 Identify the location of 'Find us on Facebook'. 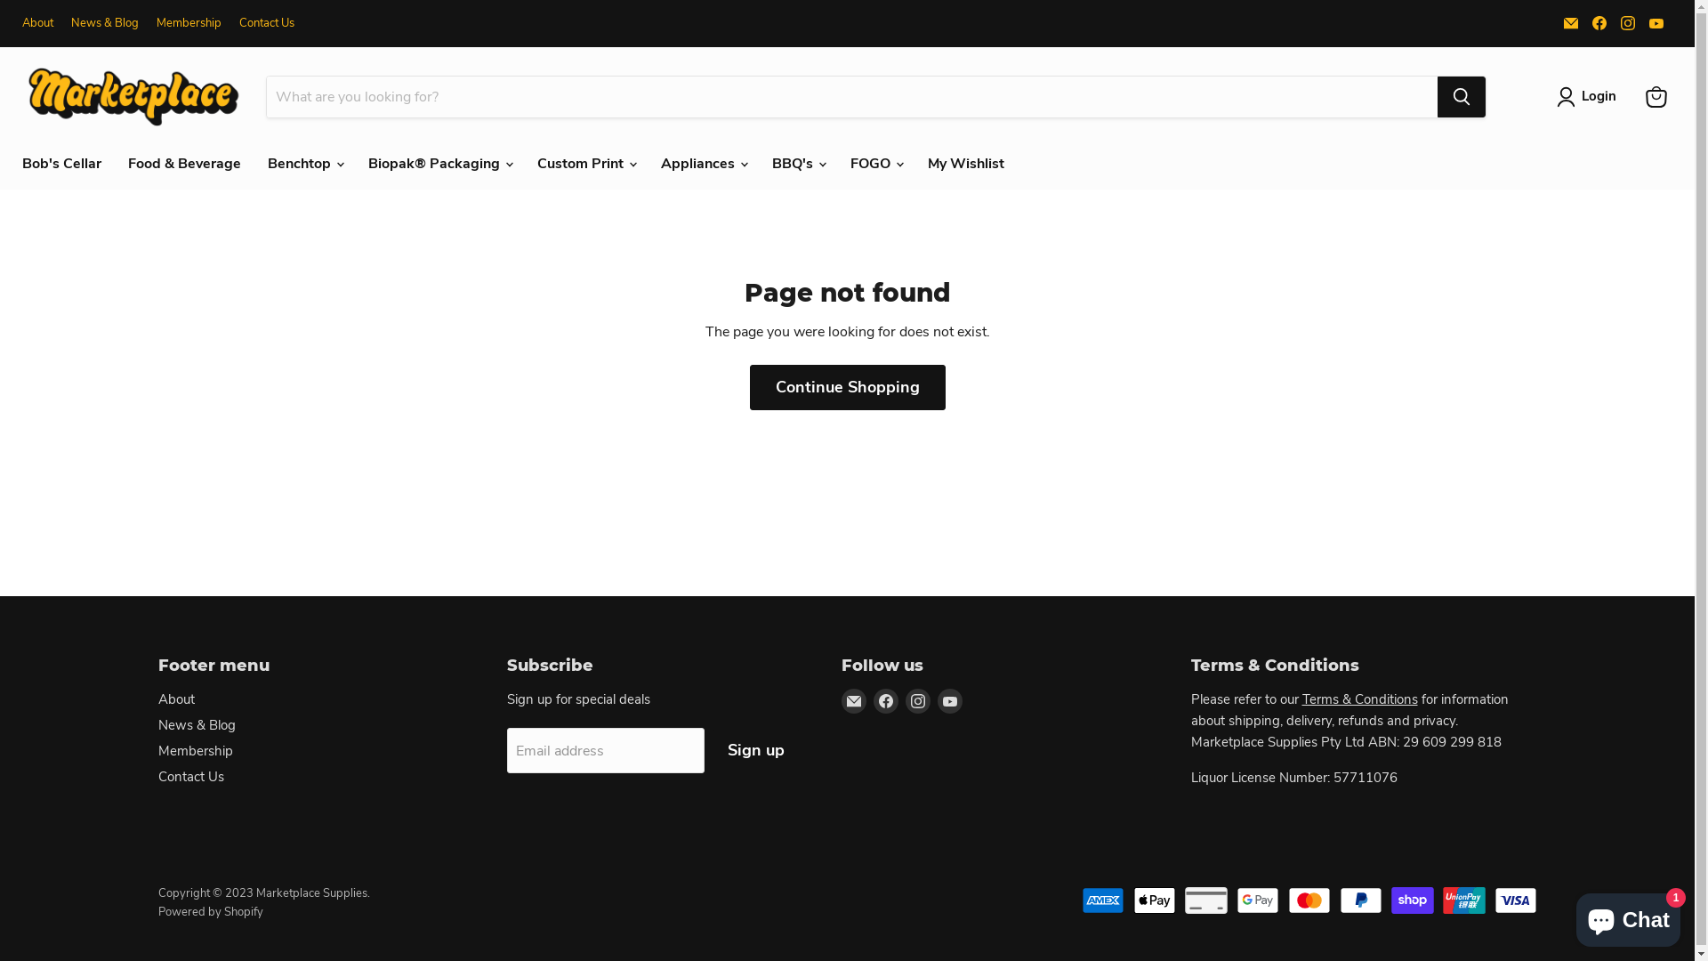
(1599, 23).